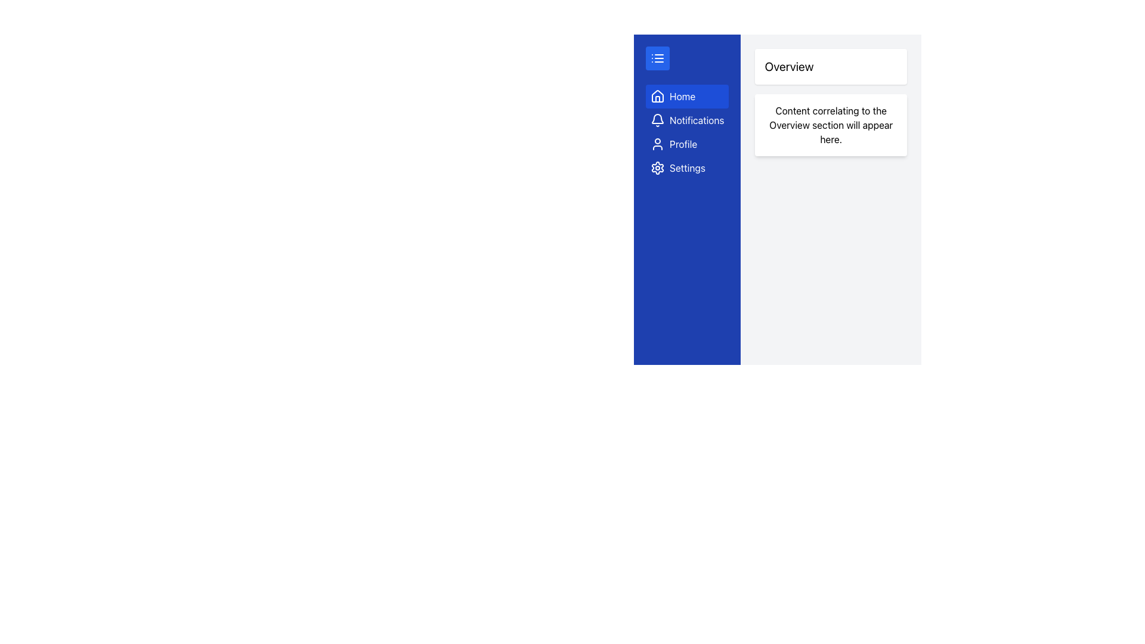 This screenshot has width=1145, height=644. What do you see at coordinates (657, 168) in the screenshot?
I see `the gear icon in the sidebar menu` at bounding box center [657, 168].